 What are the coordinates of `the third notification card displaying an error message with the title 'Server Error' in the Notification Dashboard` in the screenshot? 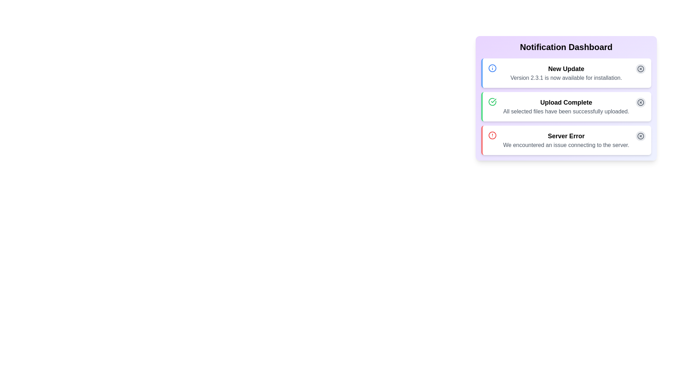 It's located at (566, 140).